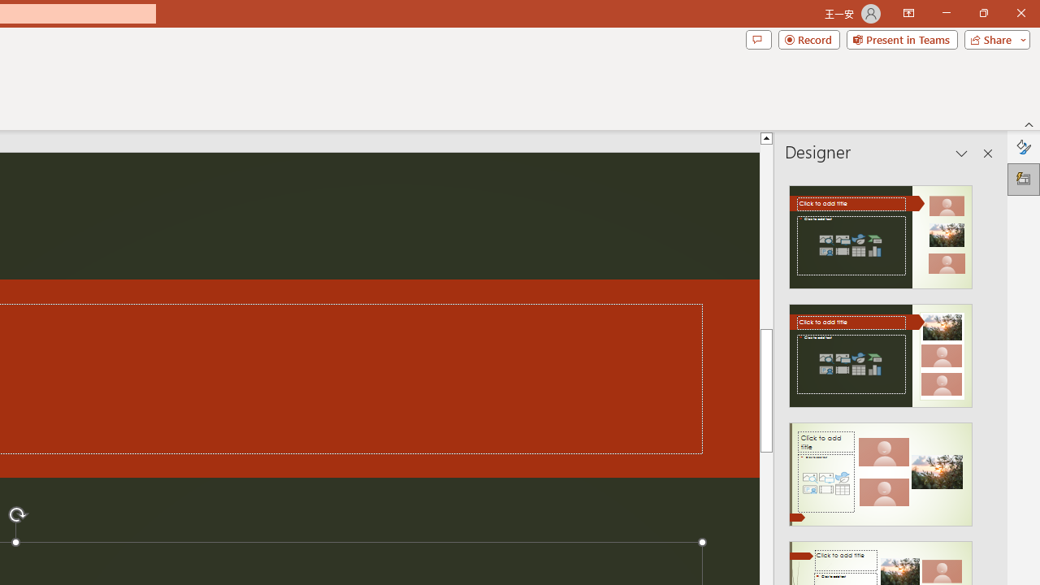 Image resolution: width=1040 pixels, height=585 pixels. Describe the element at coordinates (1023, 147) in the screenshot. I see `'Format Background'` at that location.